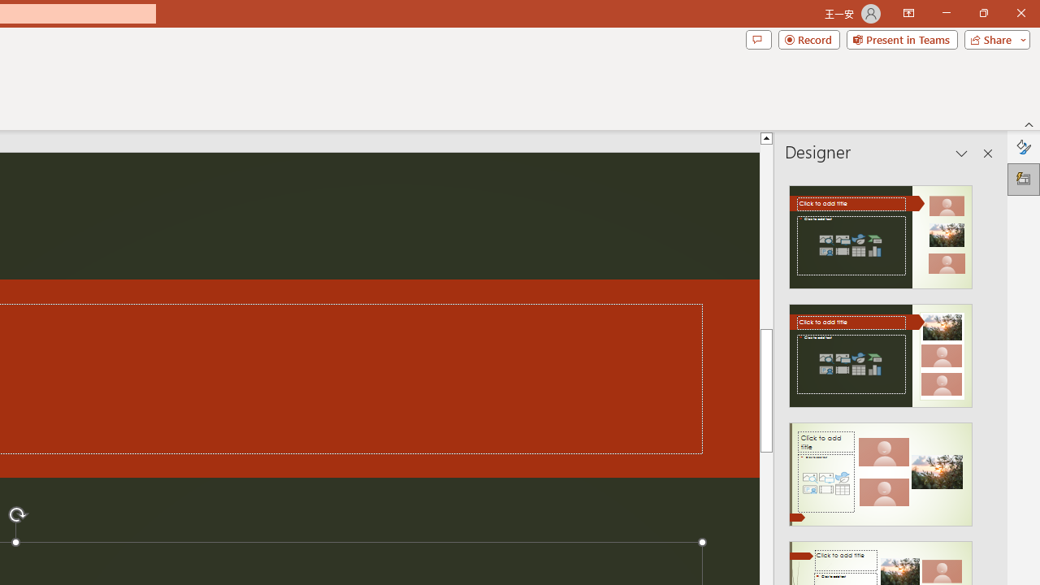 Image resolution: width=1040 pixels, height=585 pixels. Describe the element at coordinates (1023, 147) in the screenshot. I see `'Format Background'` at that location.